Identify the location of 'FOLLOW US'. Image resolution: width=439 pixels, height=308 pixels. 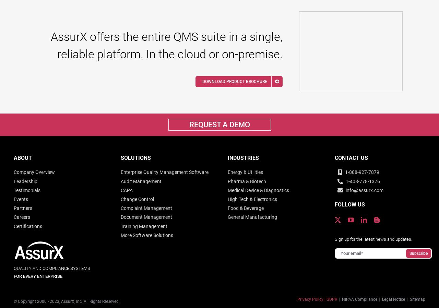
(349, 204).